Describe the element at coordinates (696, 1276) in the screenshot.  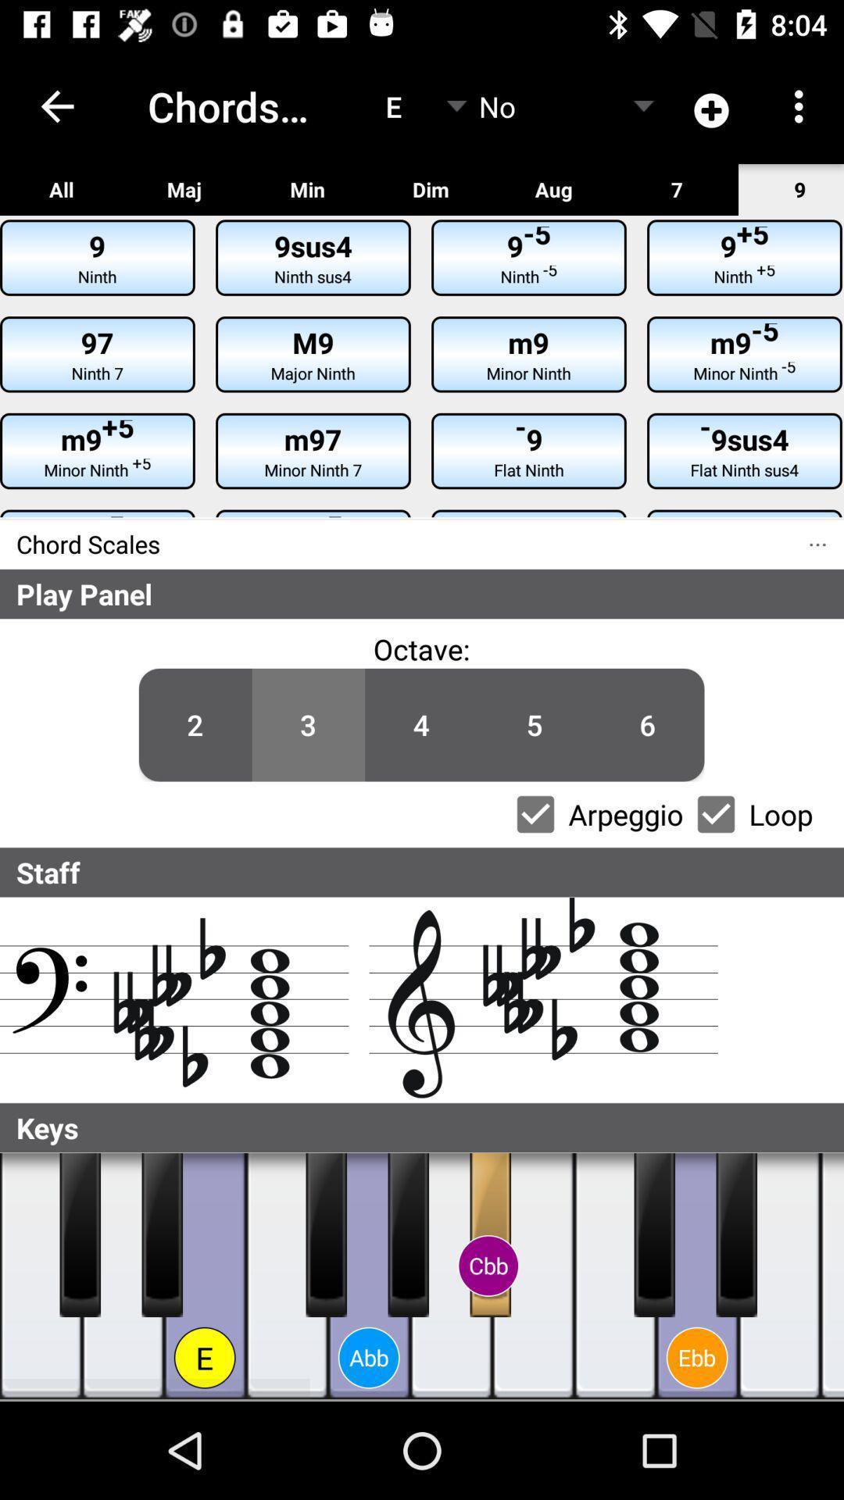
I see `d keyboard key` at that location.